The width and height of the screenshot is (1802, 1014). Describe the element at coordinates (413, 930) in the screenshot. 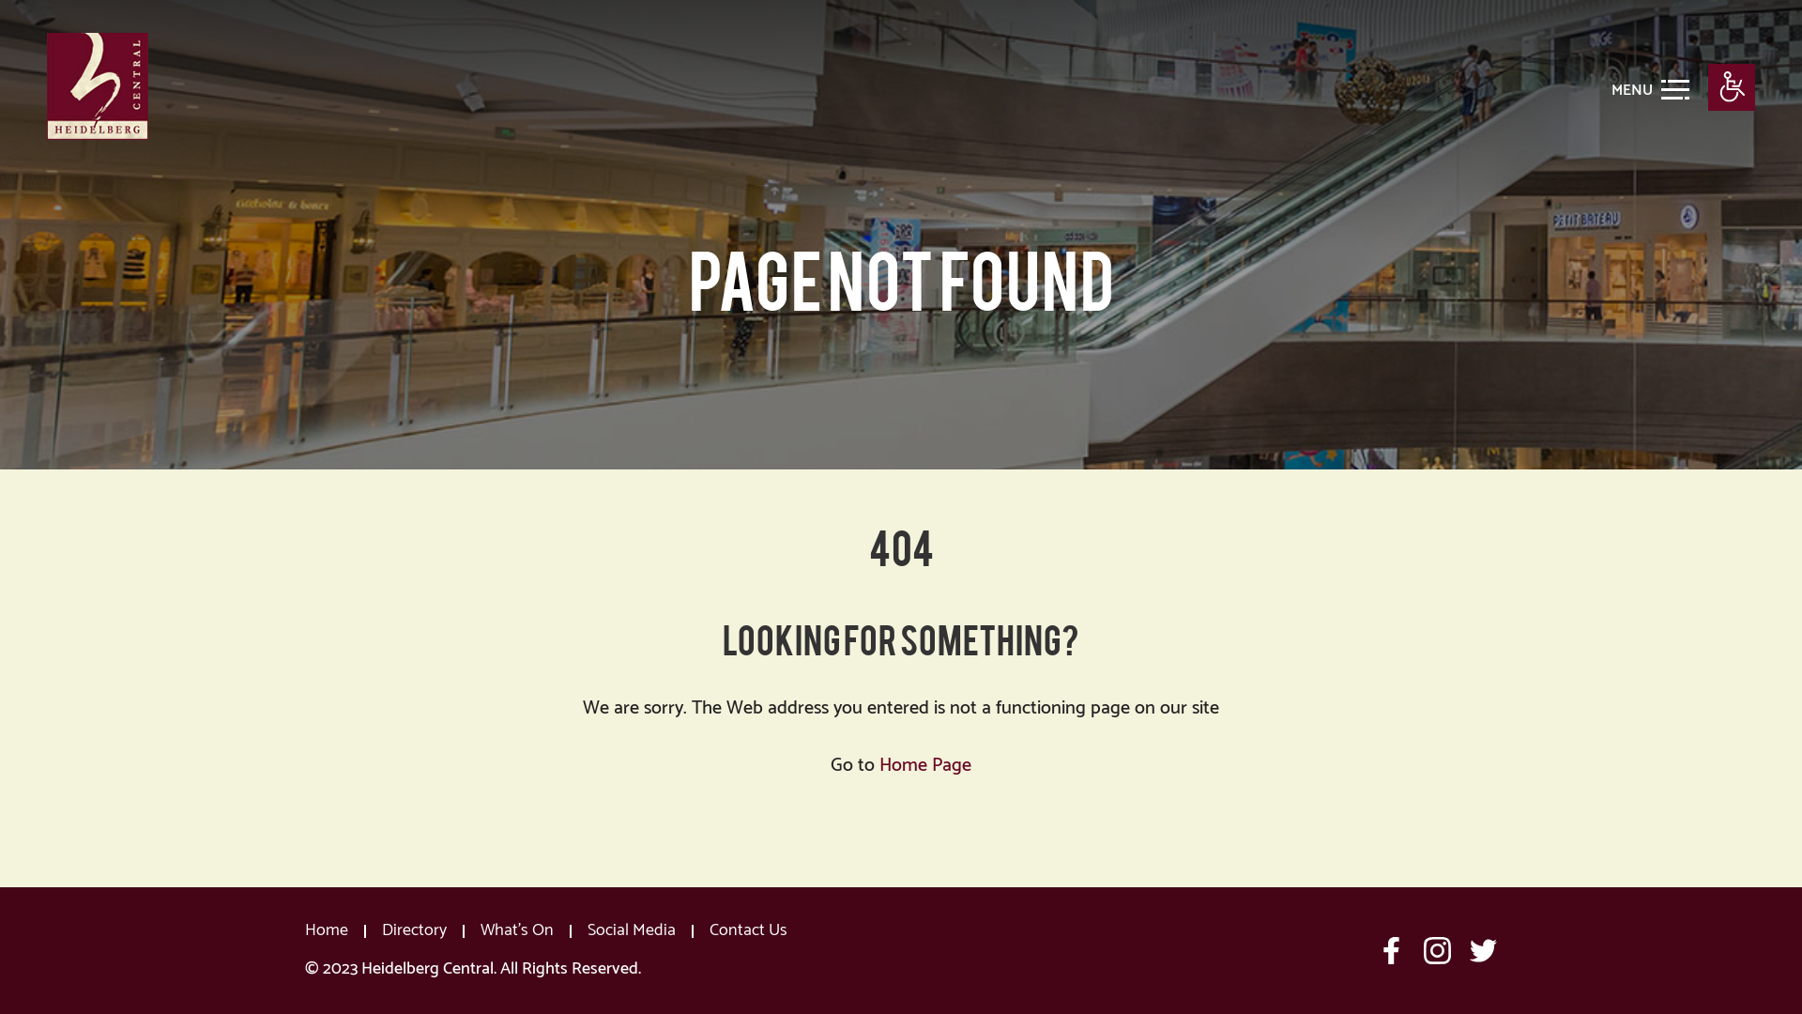

I see `'Directory'` at that location.